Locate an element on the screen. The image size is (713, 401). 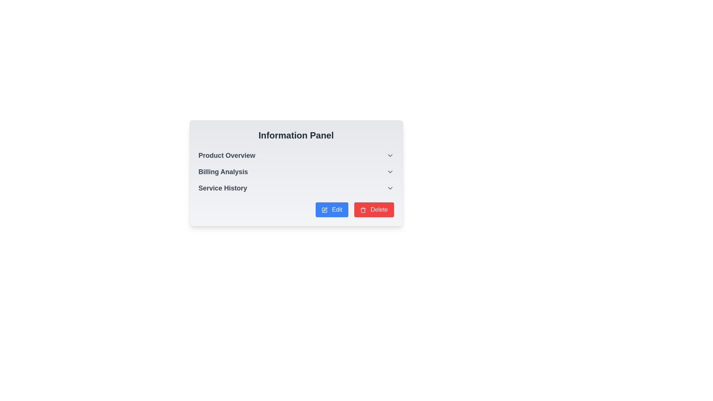
the downwards-pointing gray chevron icon next to 'Billing Analysis' is located at coordinates (390, 172).